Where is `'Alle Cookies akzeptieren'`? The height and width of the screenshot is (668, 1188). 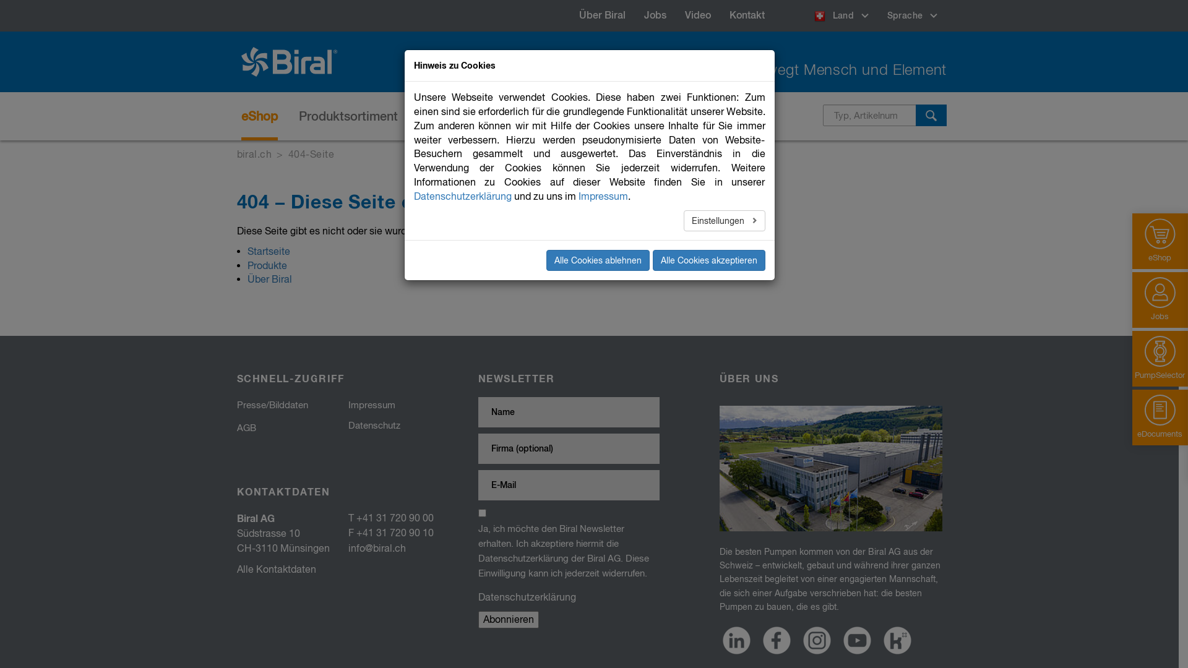 'Alle Cookies akzeptieren' is located at coordinates (708, 259).